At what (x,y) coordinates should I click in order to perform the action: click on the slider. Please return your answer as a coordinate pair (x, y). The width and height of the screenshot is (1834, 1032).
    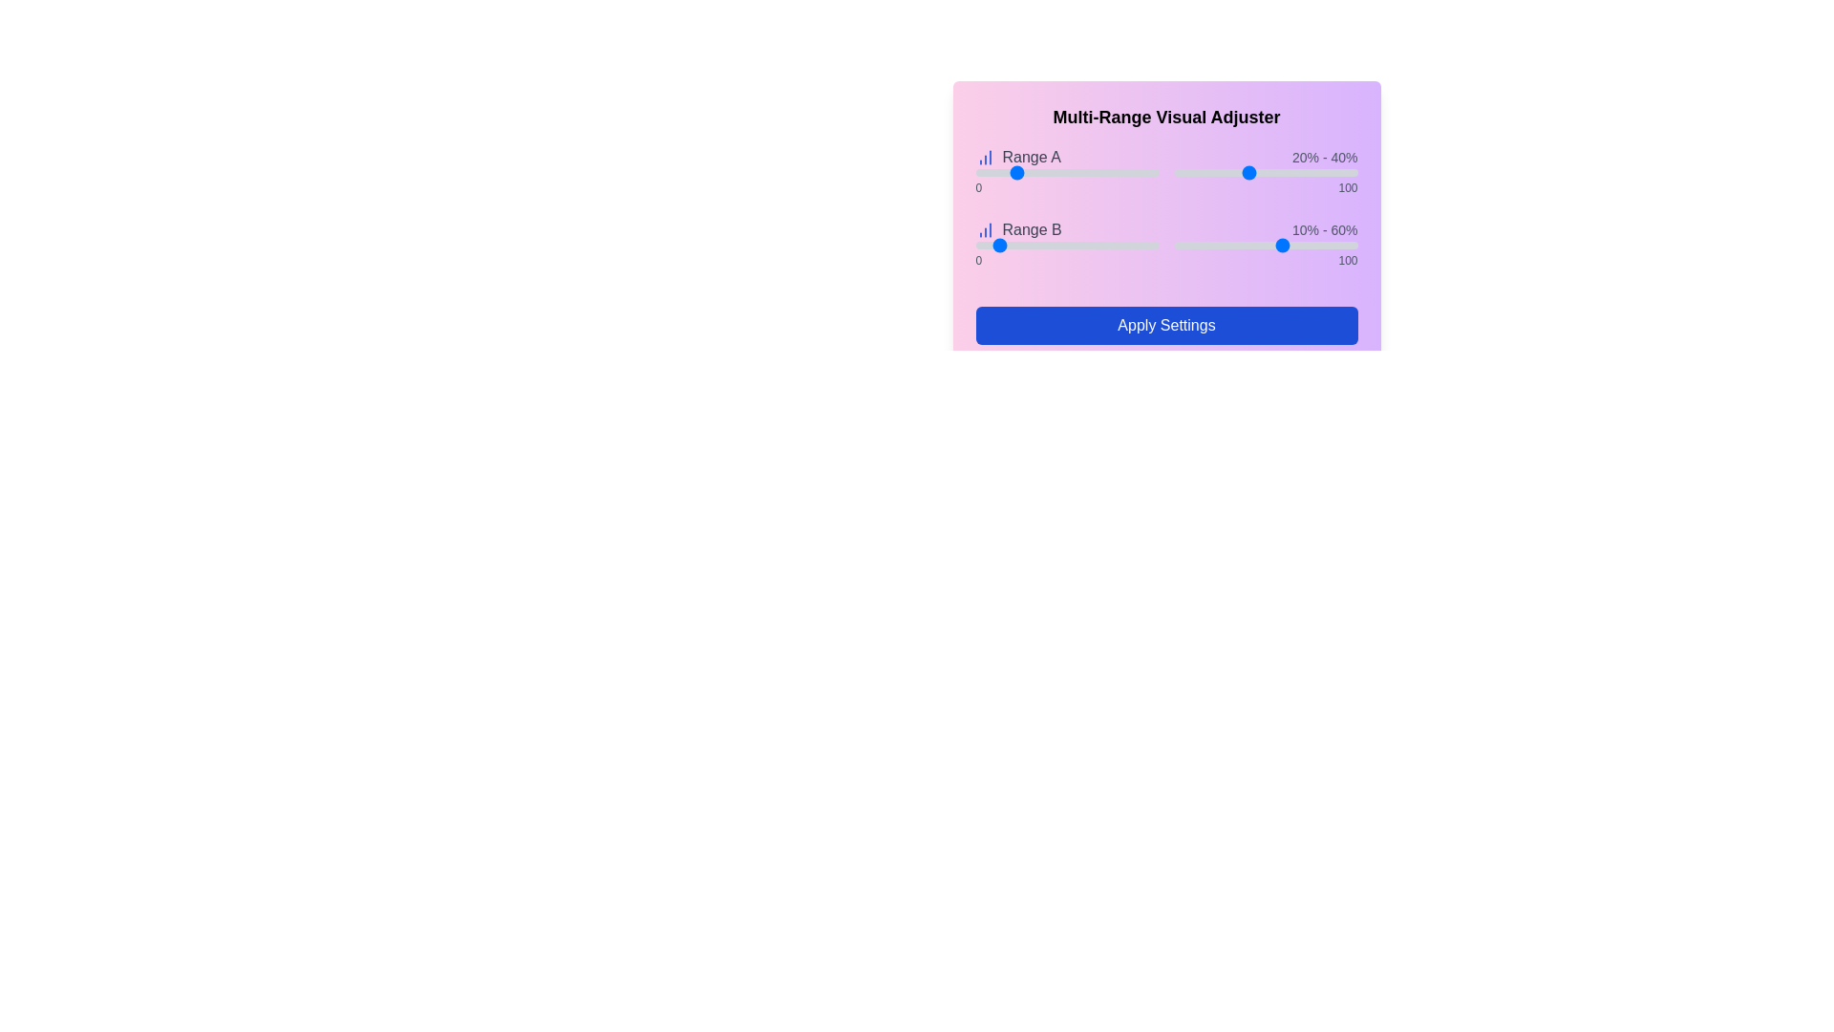
    Looking at the image, I should click on (1338, 173).